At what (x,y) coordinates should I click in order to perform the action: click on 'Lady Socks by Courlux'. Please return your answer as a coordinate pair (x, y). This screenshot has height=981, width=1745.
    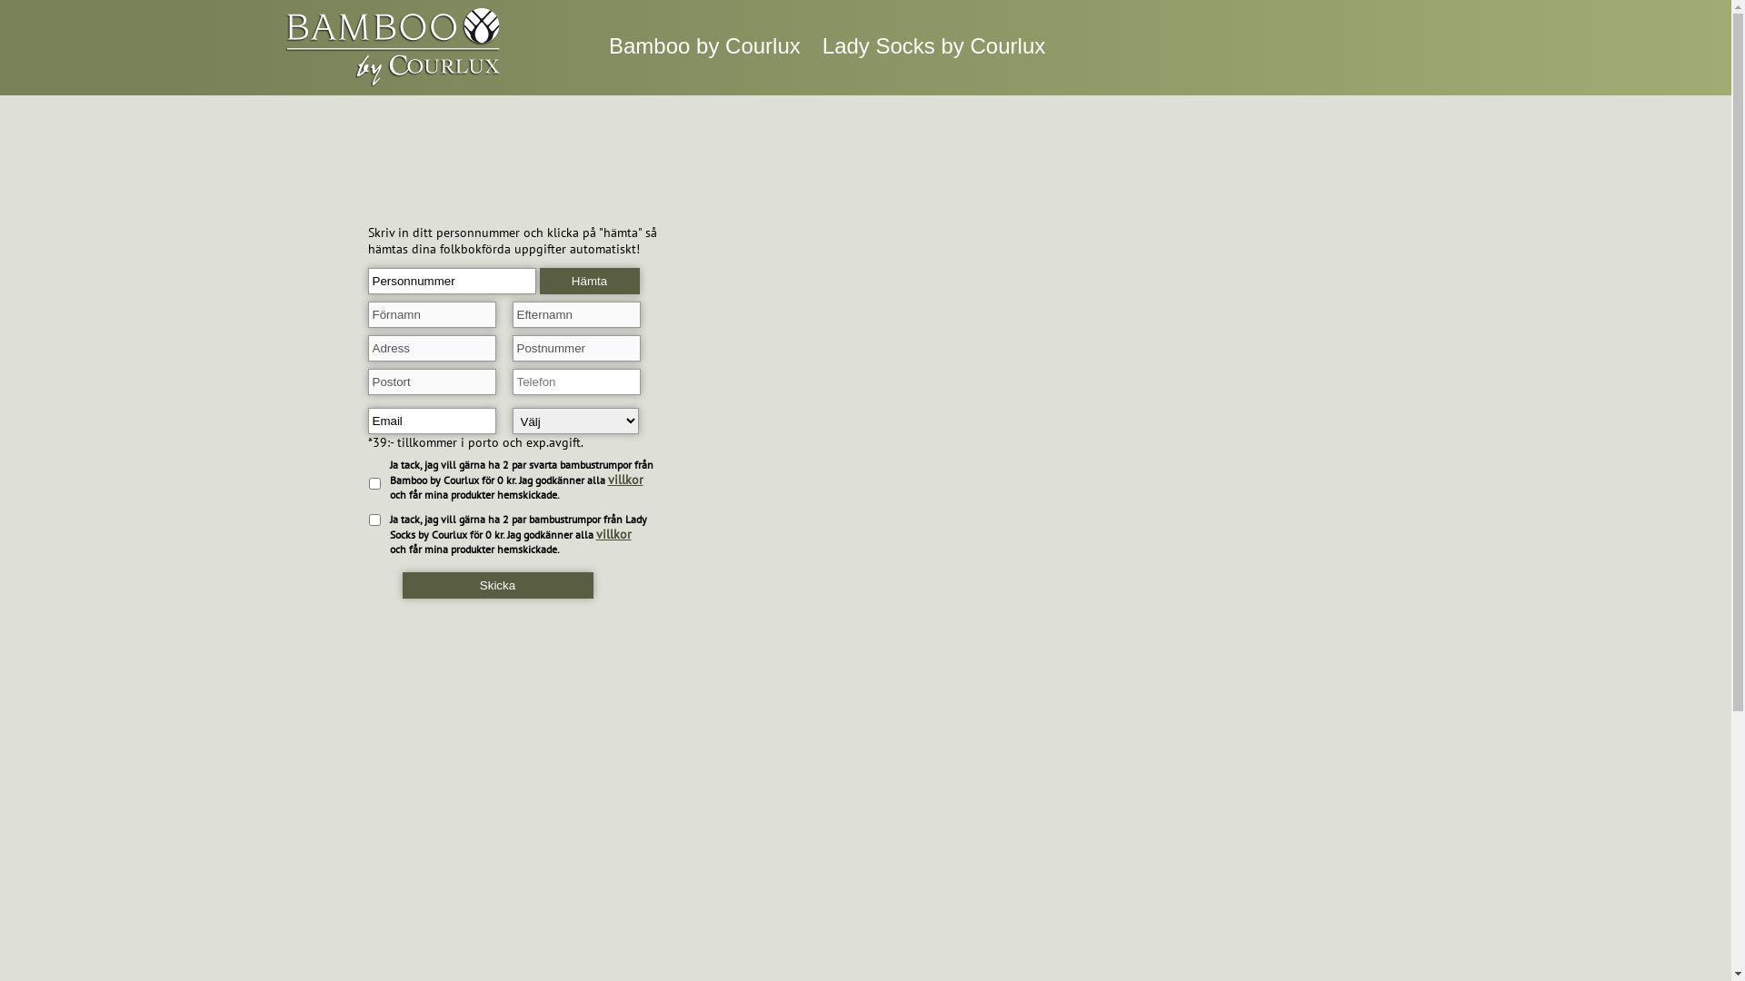
    Looking at the image, I should click on (933, 45).